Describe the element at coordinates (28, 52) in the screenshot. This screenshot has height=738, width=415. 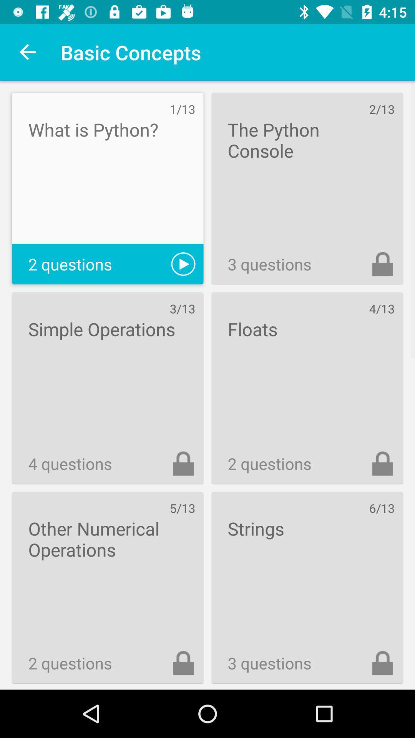
I see `item above what is python? item` at that location.